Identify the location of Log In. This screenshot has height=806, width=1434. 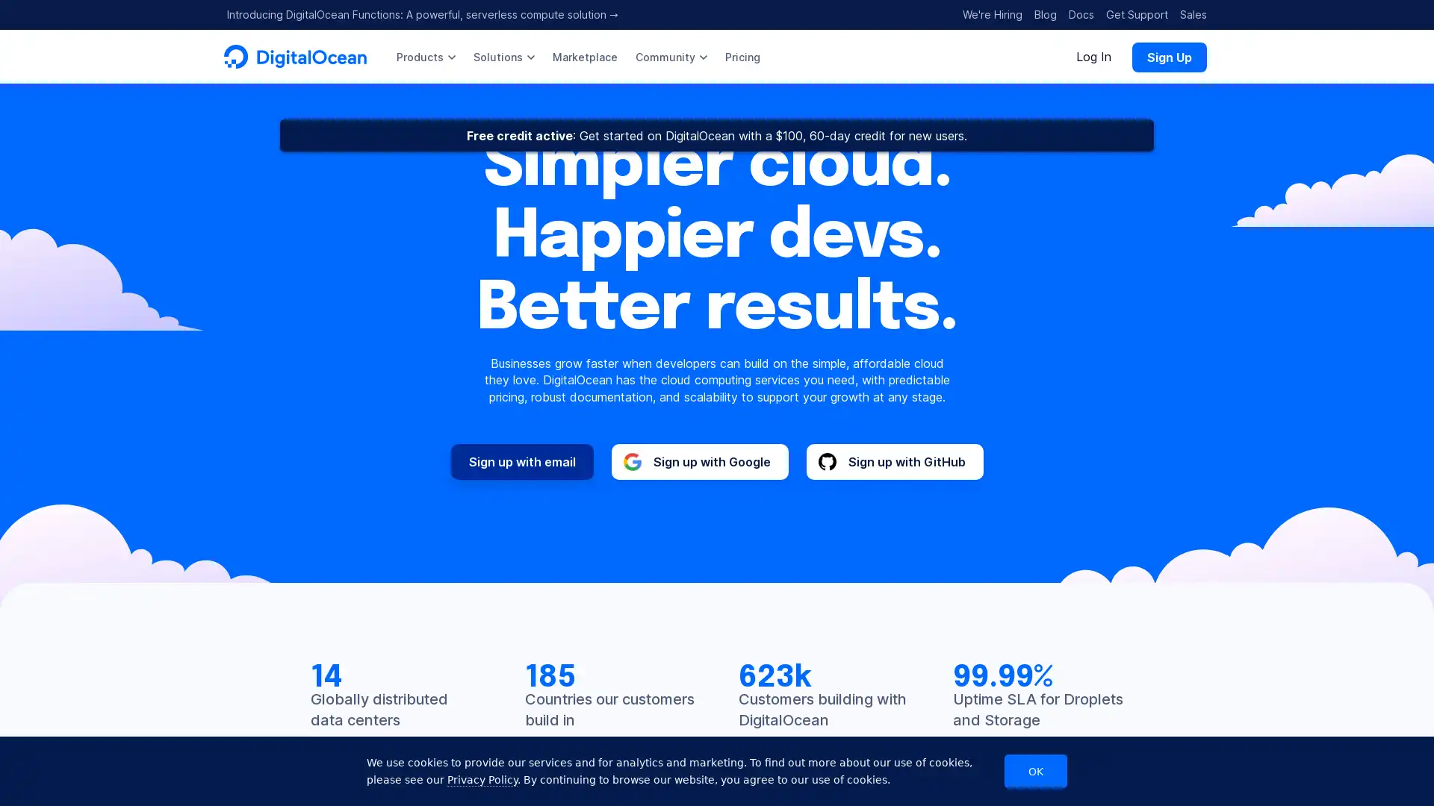
(1093, 56).